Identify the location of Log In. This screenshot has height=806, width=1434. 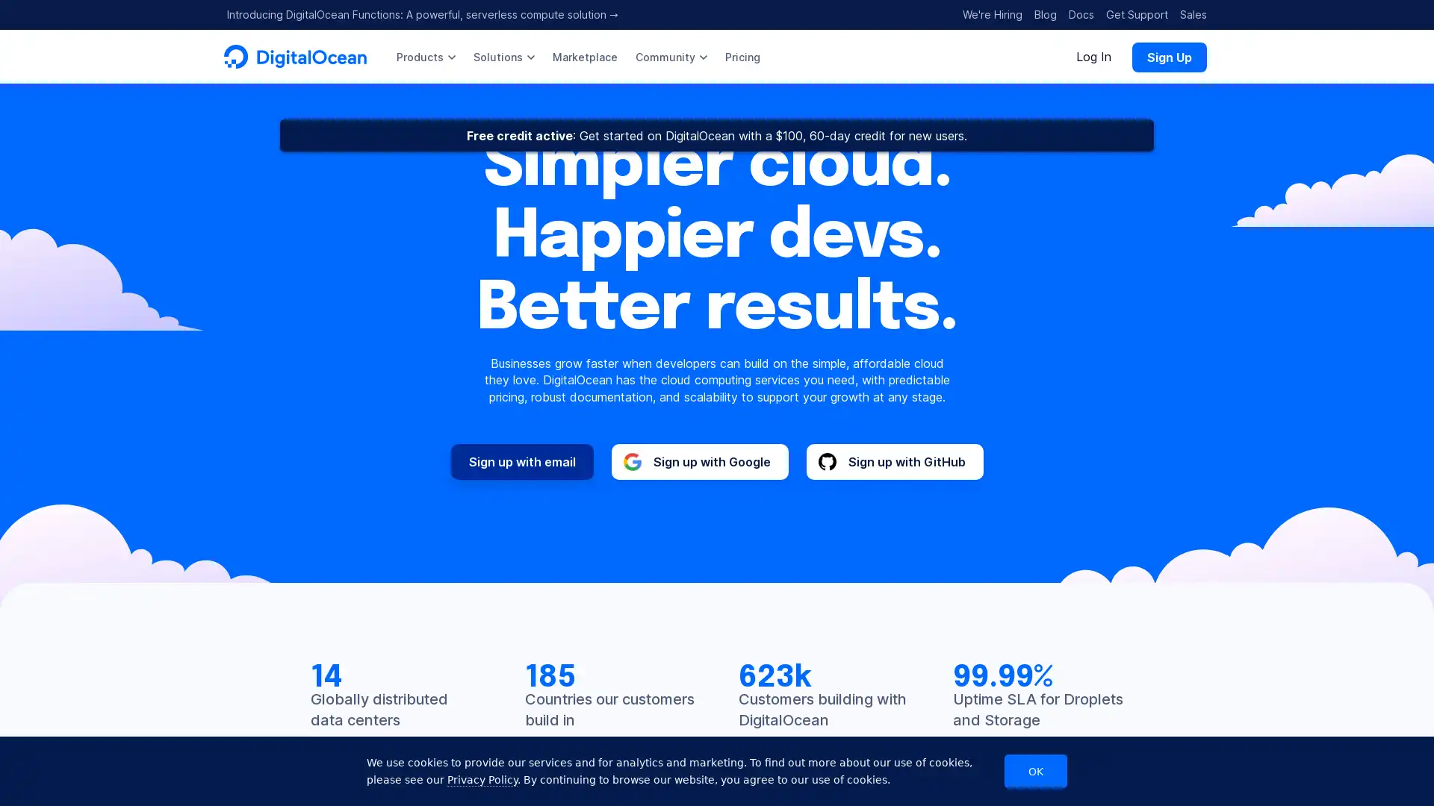
(1093, 56).